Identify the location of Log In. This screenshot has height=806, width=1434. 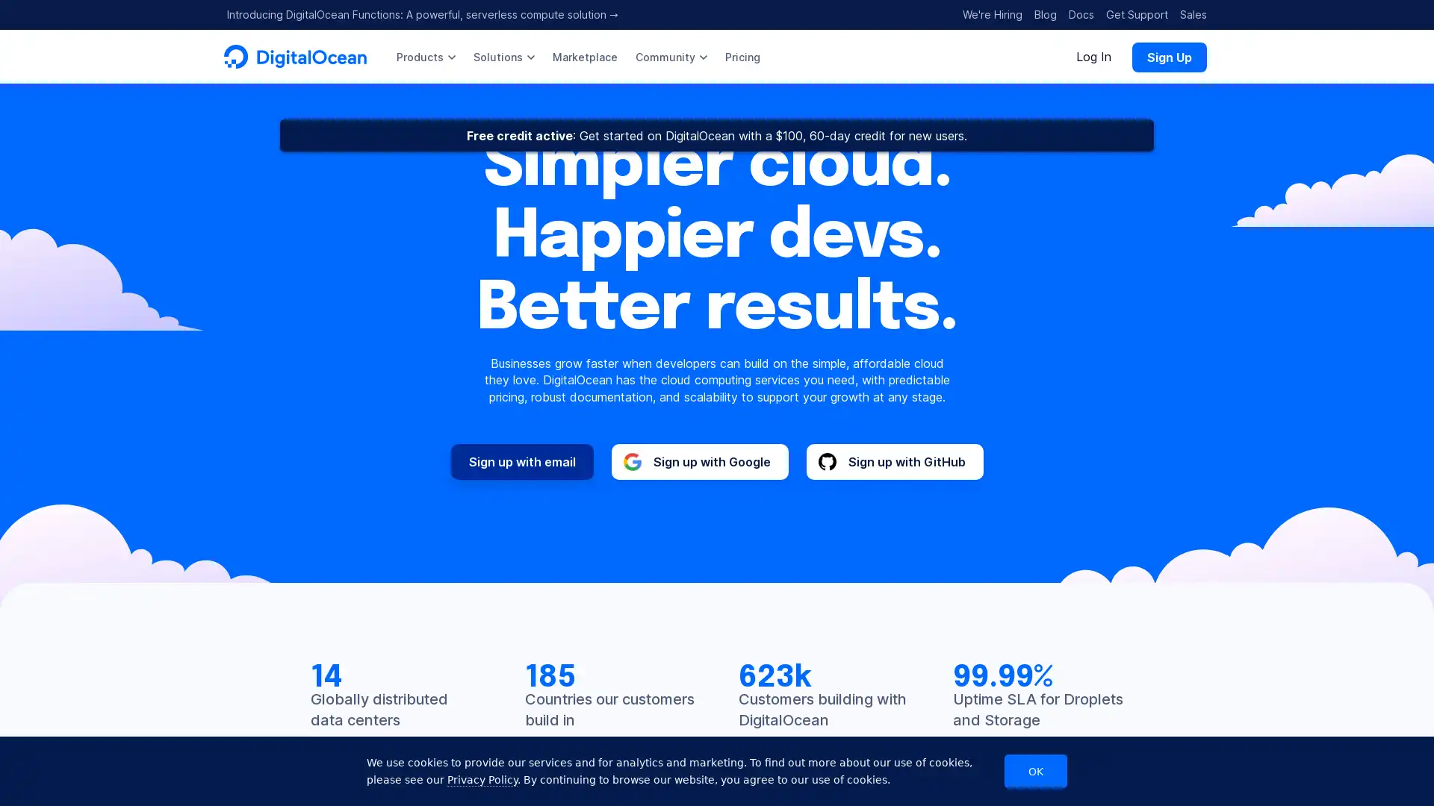
(1093, 56).